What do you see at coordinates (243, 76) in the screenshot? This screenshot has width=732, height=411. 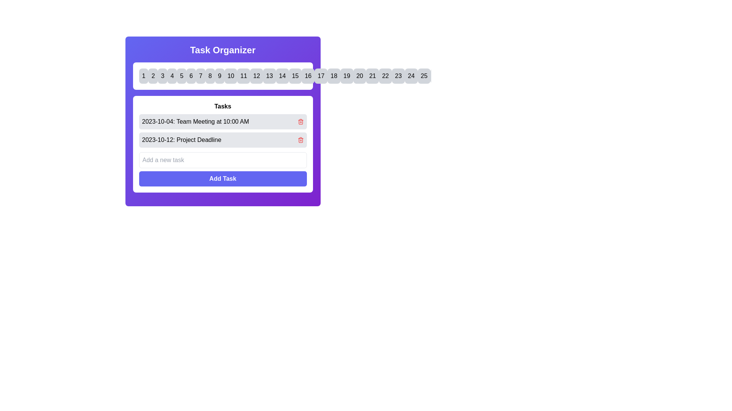 I see `the rectangular button with a light gray background and the text '11'` at bounding box center [243, 76].